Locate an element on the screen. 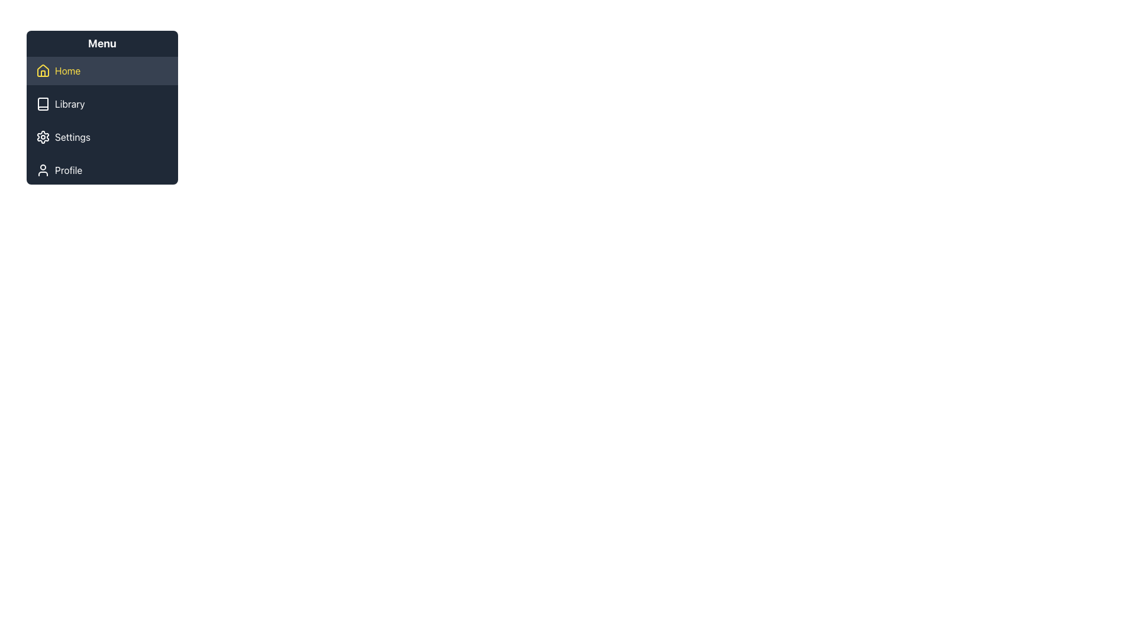  the 'Settings' text label in the sidebar menu, which is the third item in the list, located between 'Library' and 'Profile' is located at coordinates (72, 136).